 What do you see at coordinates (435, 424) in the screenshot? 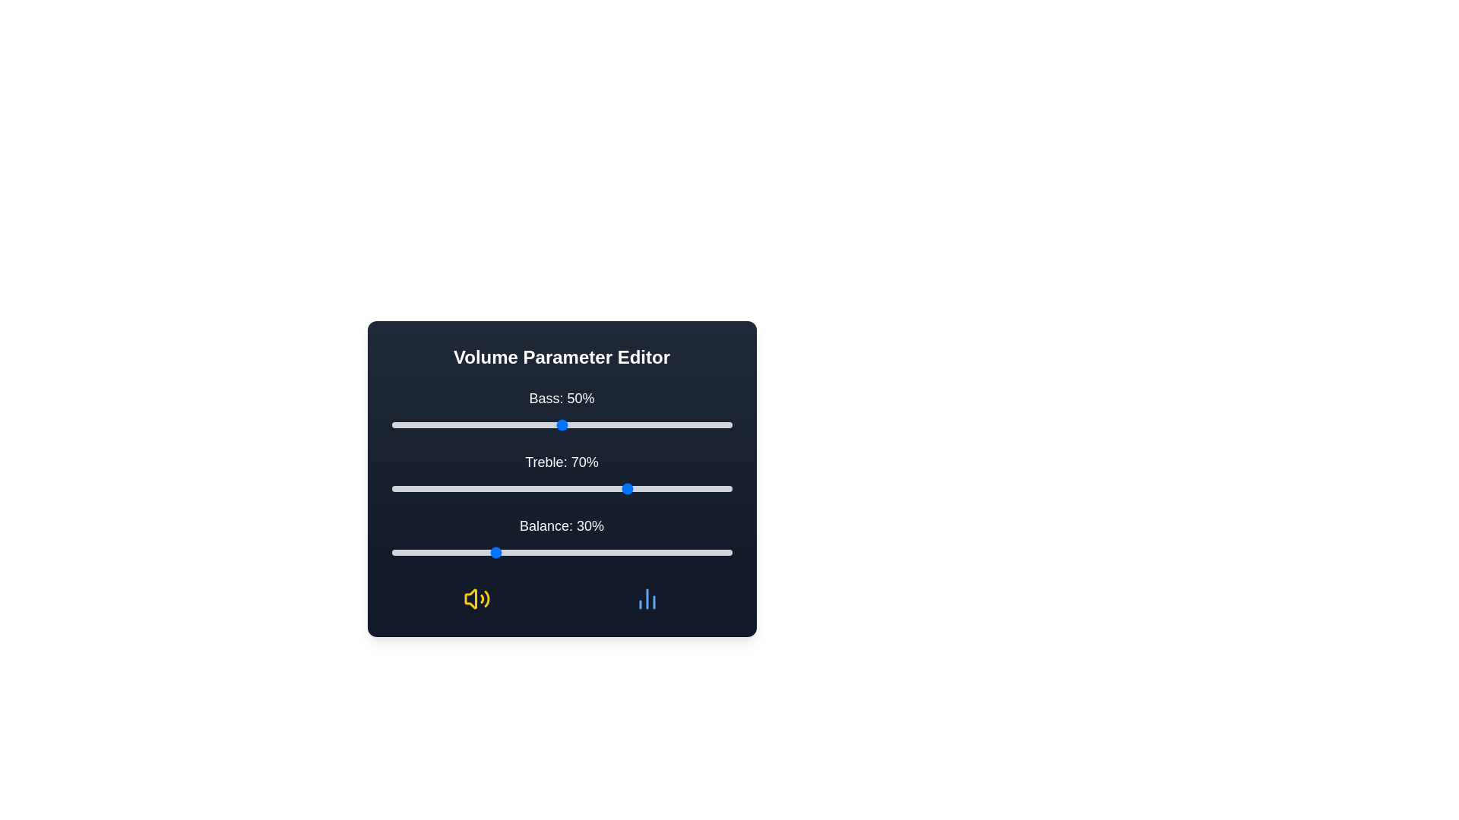
I see `the 0 slider to a value of 13%` at bounding box center [435, 424].